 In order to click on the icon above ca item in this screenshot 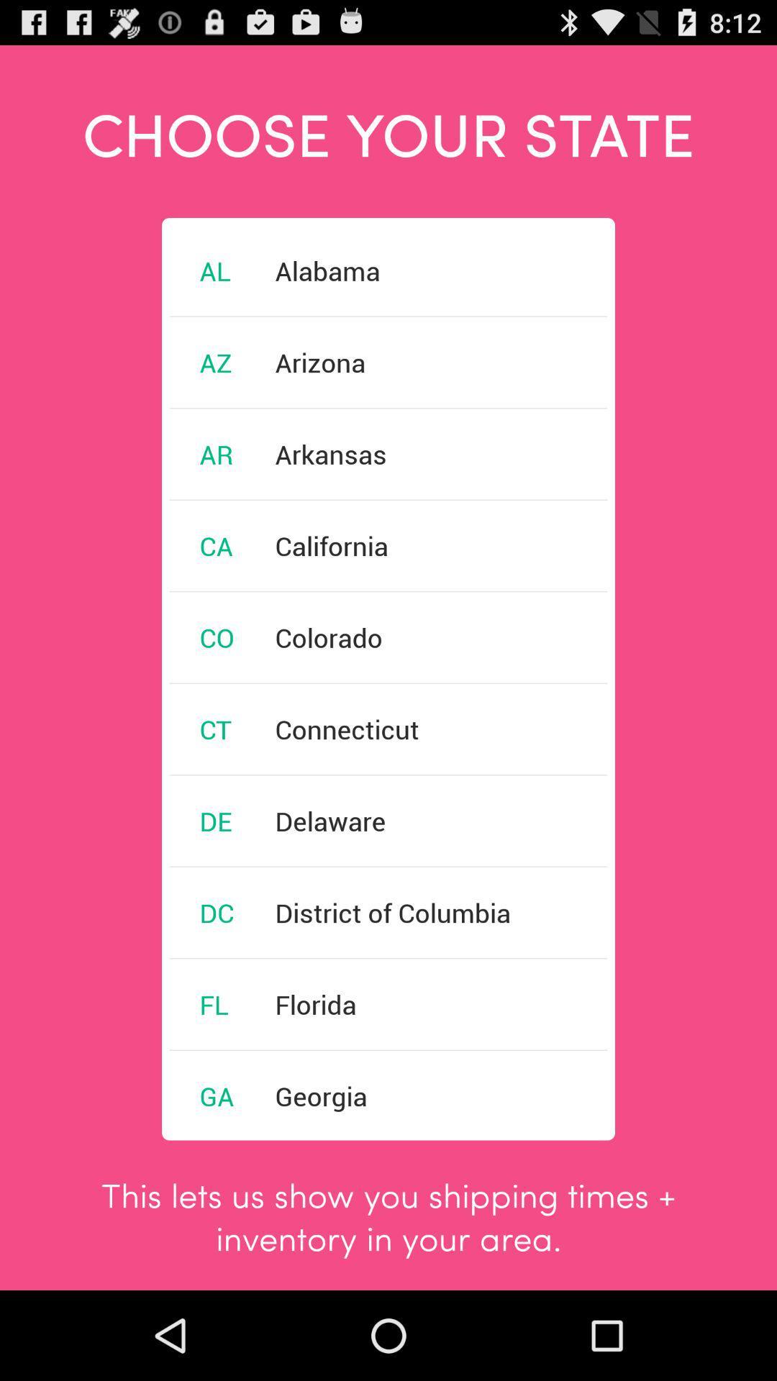, I will do `click(216, 453)`.